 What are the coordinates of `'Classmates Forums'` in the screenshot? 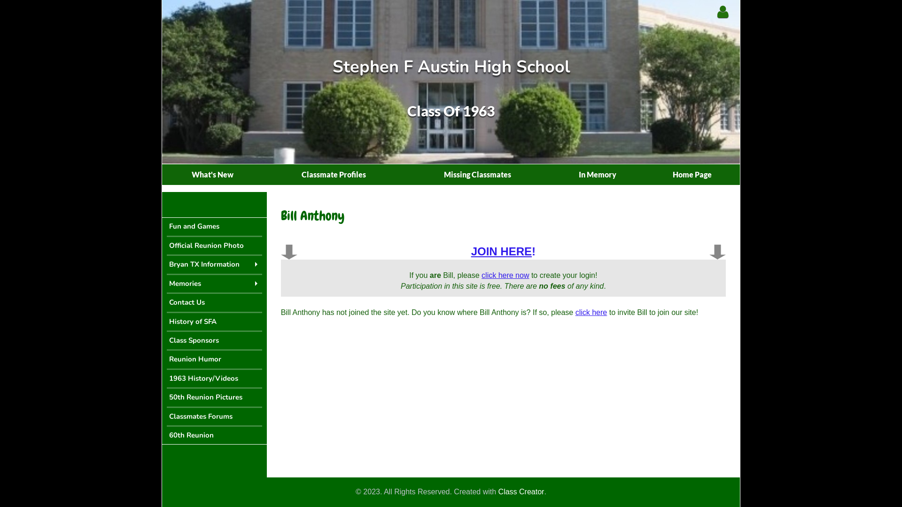 It's located at (167, 416).